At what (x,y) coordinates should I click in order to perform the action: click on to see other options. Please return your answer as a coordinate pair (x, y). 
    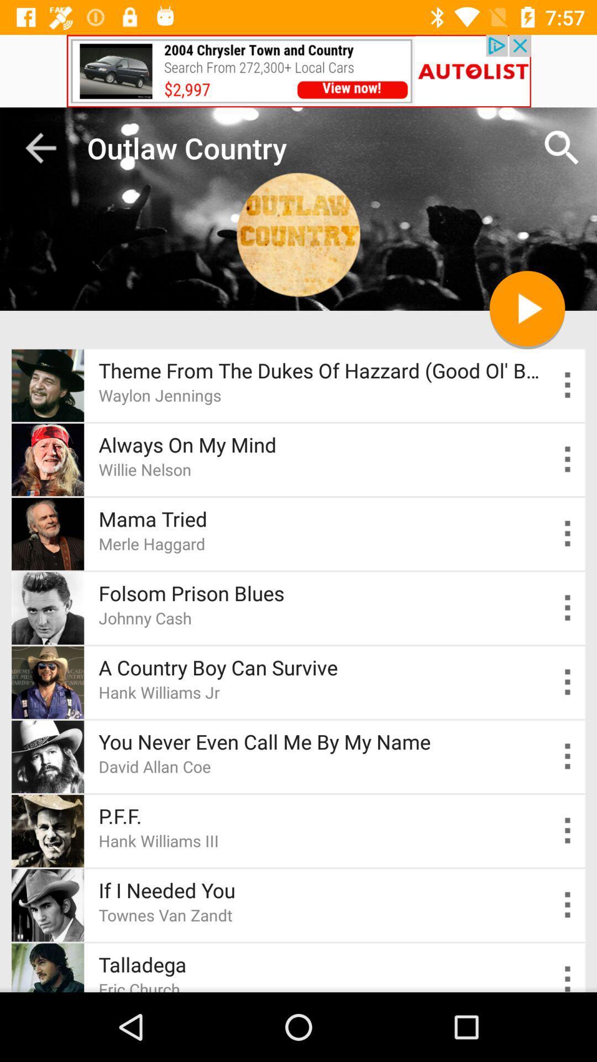
    Looking at the image, I should click on (568, 459).